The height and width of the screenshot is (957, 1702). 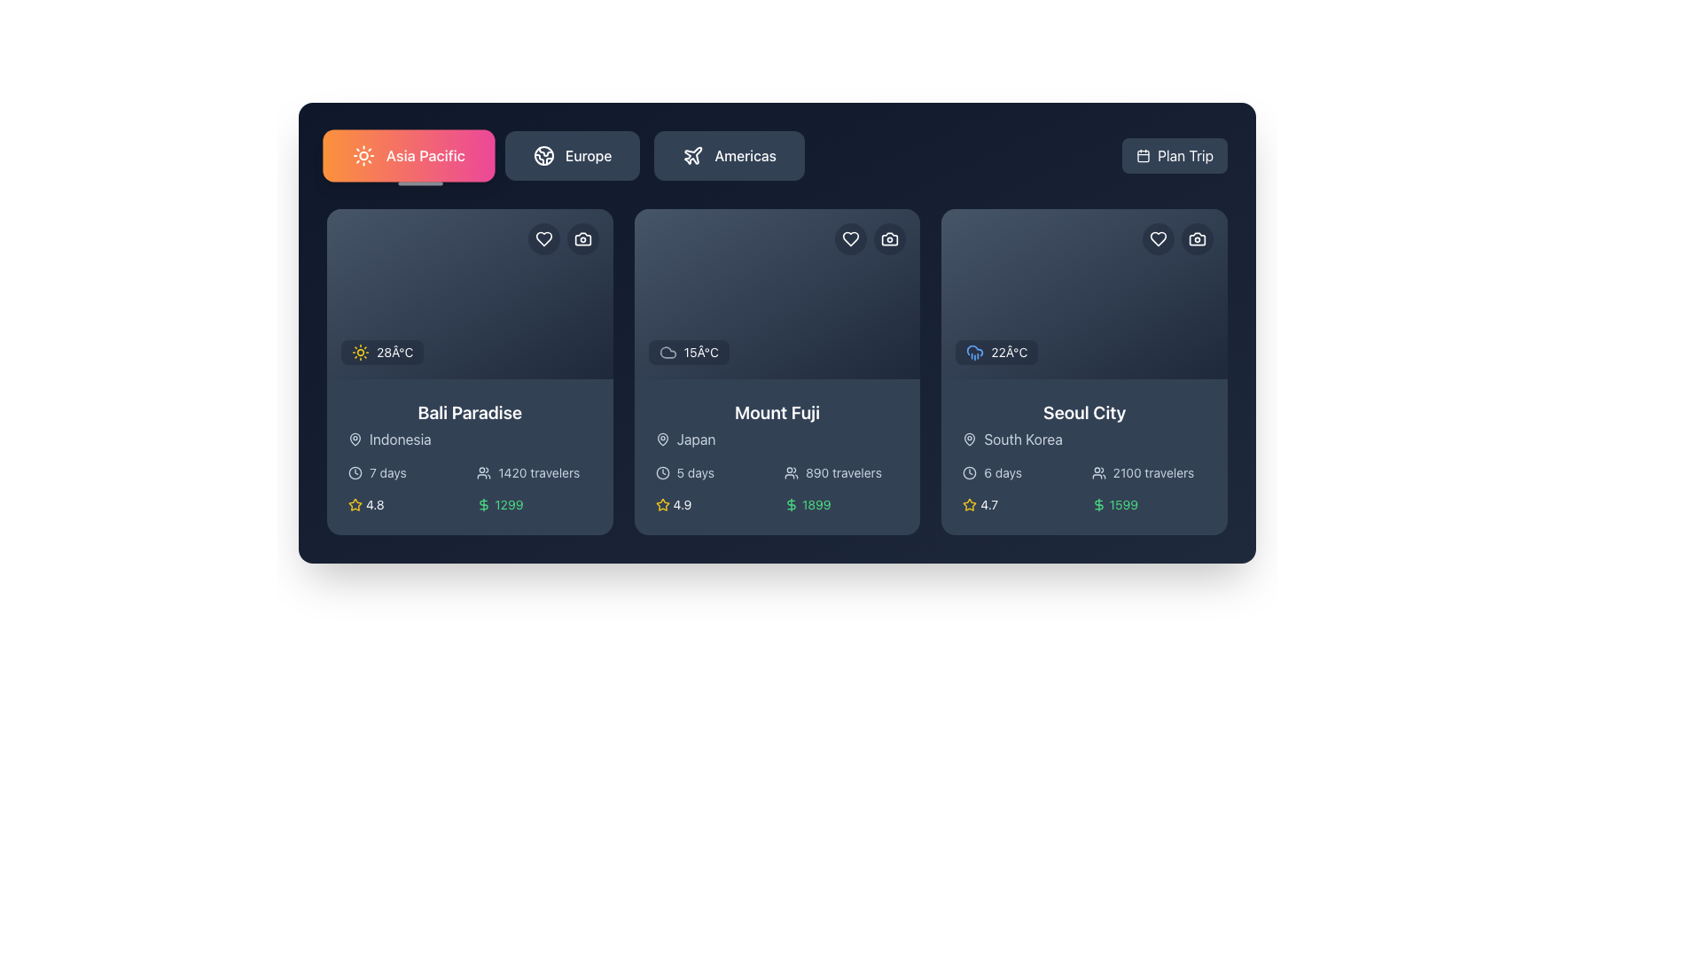 I want to click on the static text indicating the duration of the trip, which shows '6 days' and is located beneath 'Seoul City' and to the left of '2100 travelers', so click(x=1020, y=471).